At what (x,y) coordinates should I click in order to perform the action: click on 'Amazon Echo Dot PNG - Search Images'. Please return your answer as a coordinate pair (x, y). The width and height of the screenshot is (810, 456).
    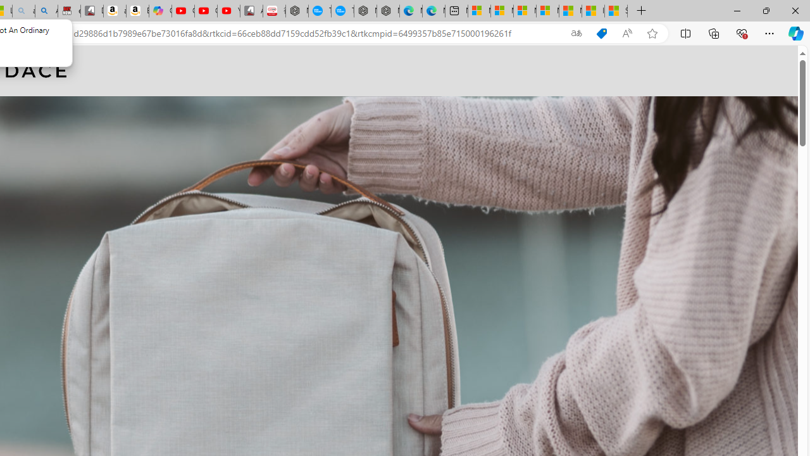
    Looking at the image, I should click on (46, 11).